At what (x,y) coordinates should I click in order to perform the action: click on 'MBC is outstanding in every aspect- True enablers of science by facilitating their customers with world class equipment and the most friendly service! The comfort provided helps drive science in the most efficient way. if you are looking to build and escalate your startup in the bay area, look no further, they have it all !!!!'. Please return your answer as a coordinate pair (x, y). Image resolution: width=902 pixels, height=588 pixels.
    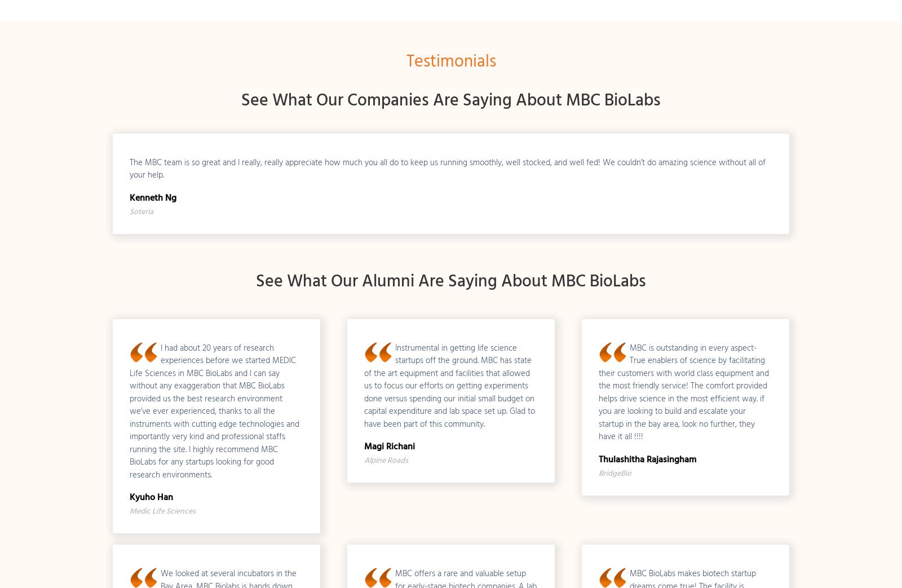
    Looking at the image, I should click on (598, 391).